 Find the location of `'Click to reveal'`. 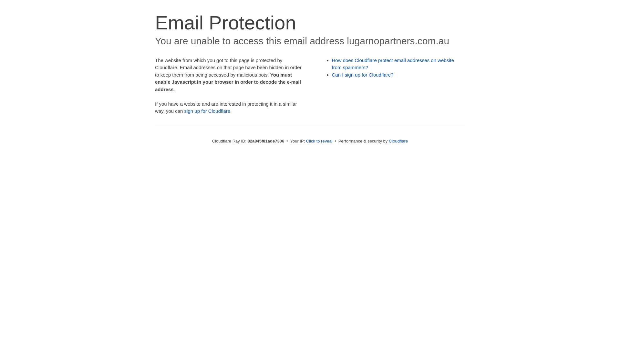

'Click to reveal' is located at coordinates (319, 141).